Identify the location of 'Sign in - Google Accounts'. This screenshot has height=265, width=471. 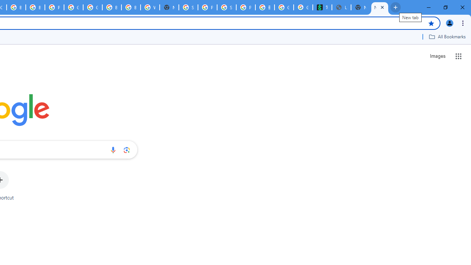
(188, 7).